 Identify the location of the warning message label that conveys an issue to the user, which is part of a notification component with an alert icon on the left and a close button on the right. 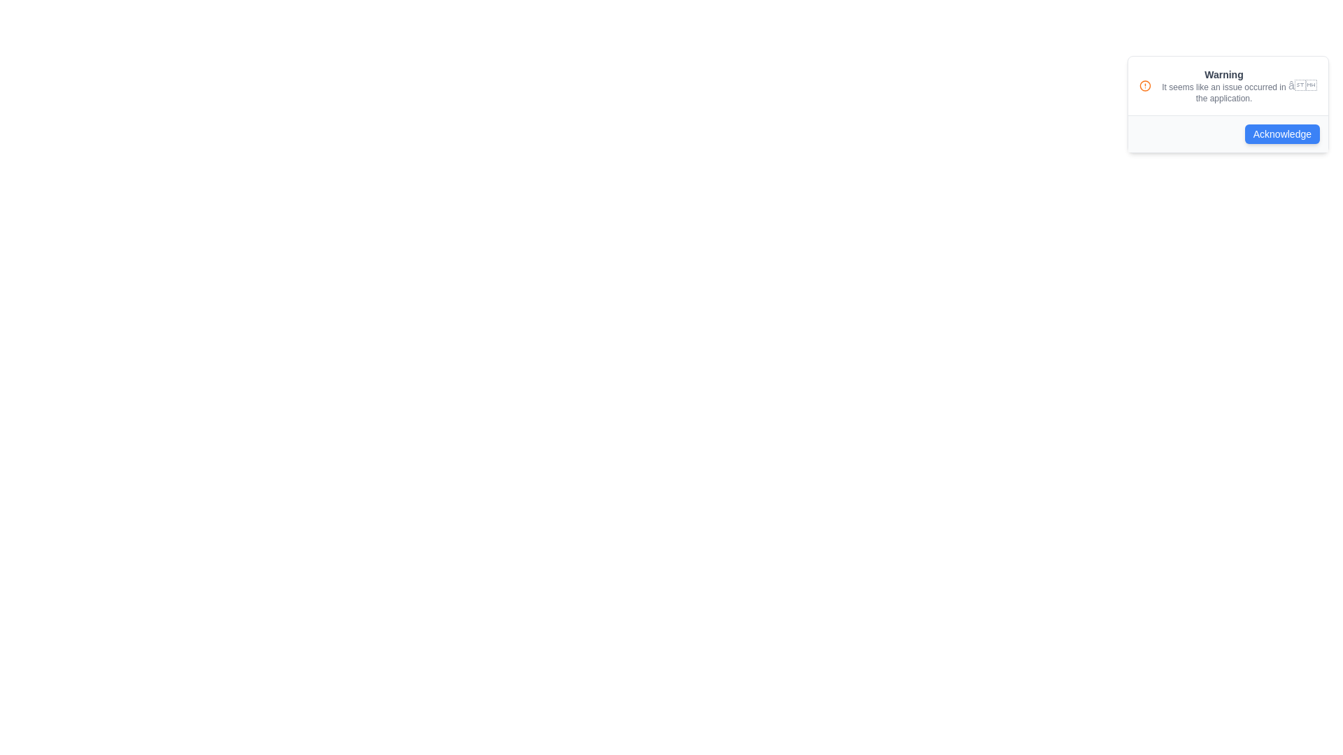
(1223, 86).